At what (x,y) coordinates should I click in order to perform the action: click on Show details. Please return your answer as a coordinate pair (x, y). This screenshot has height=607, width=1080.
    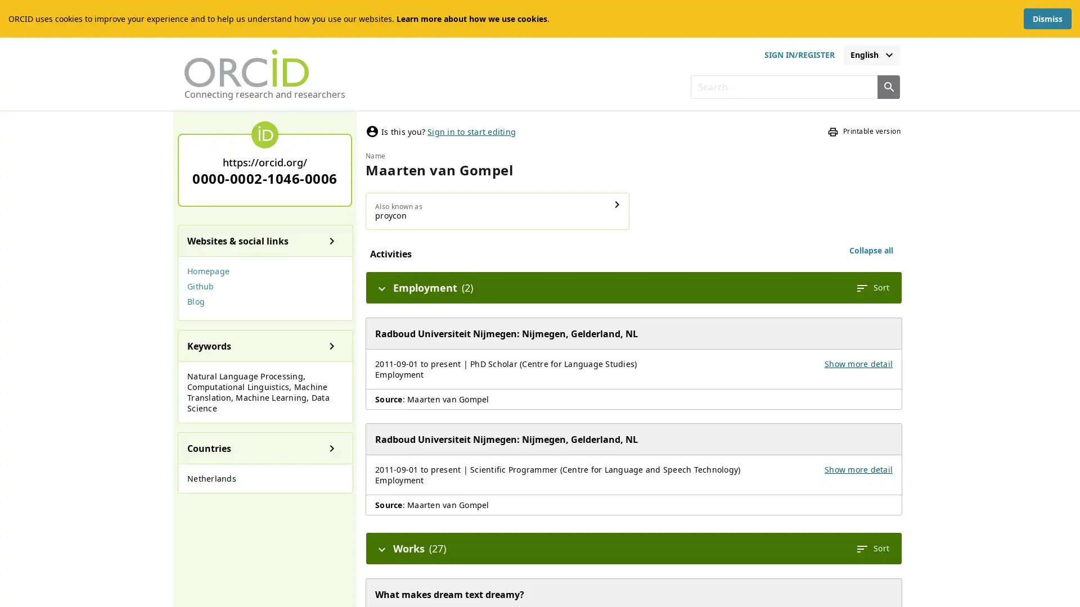
    Looking at the image, I should click on (331, 345).